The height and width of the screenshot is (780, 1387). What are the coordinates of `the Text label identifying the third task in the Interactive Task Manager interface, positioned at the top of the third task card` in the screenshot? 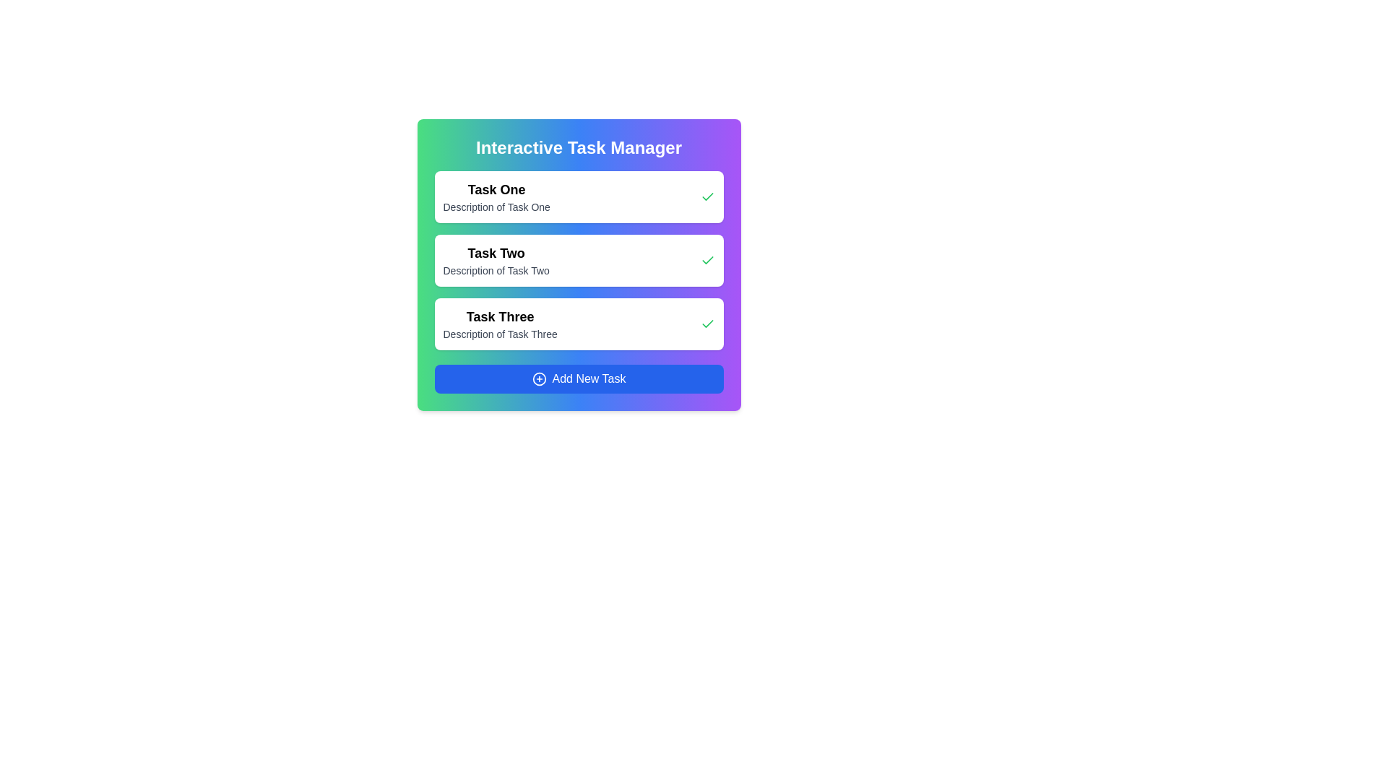 It's located at (500, 316).